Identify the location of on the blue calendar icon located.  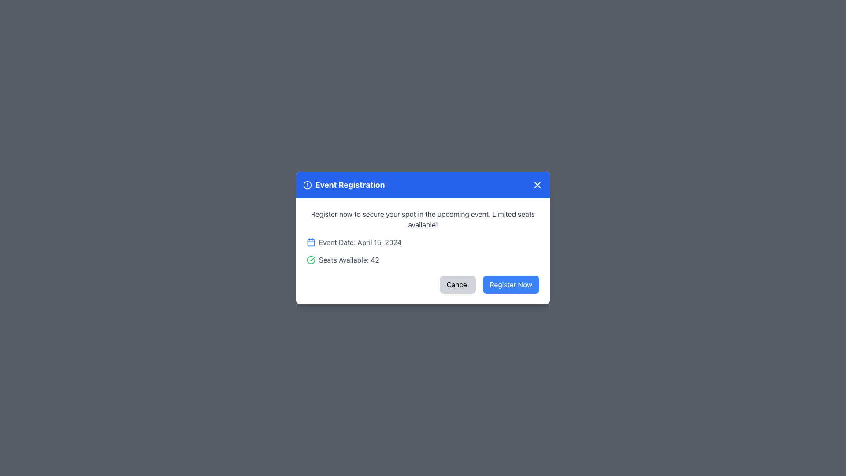
(311, 242).